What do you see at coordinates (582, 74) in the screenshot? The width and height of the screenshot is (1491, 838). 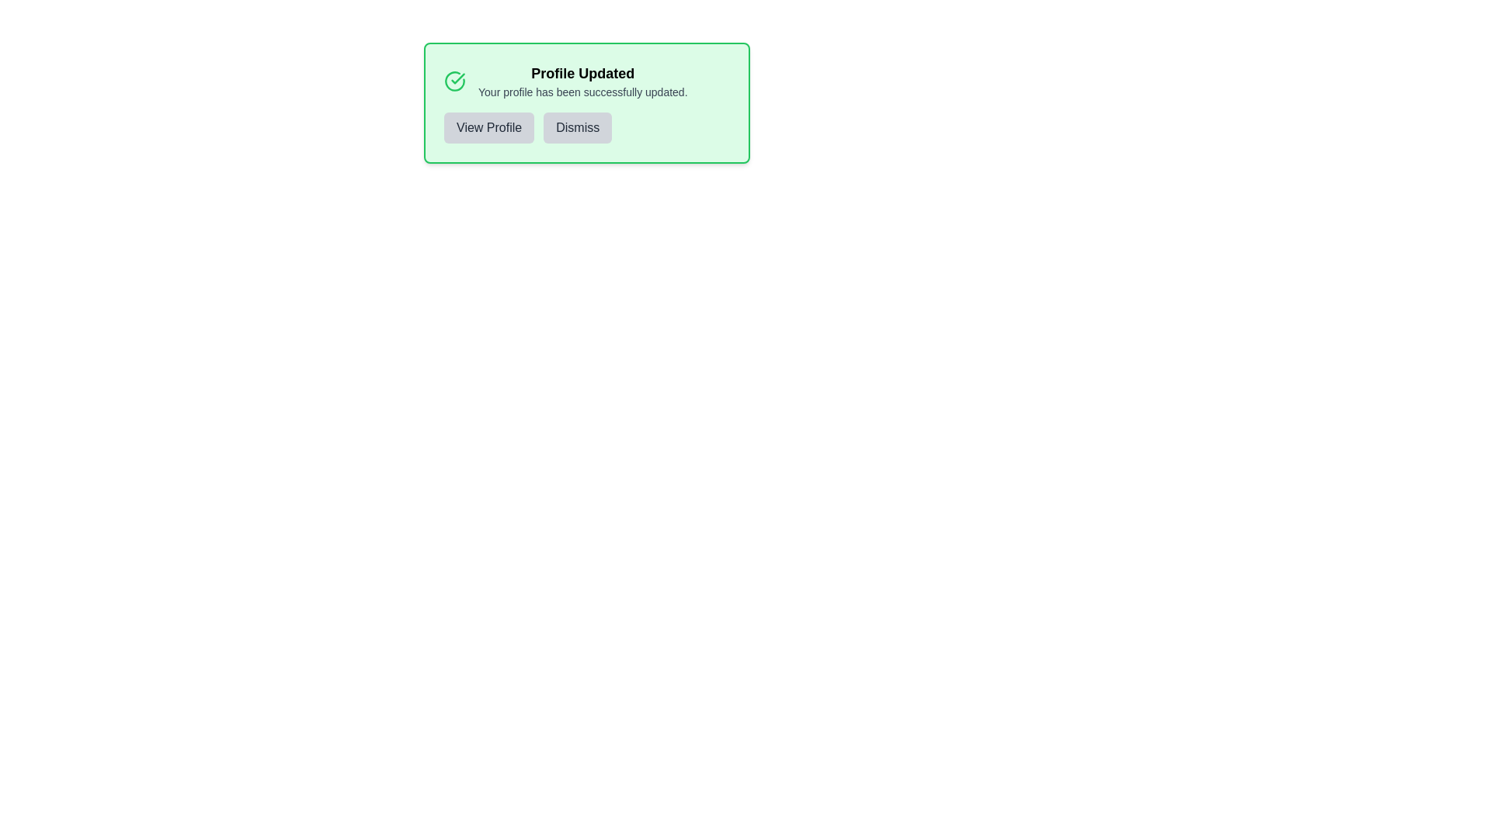 I see `the text label that indicates a successful profile update, located at the top of the central notification box` at bounding box center [582, 74].